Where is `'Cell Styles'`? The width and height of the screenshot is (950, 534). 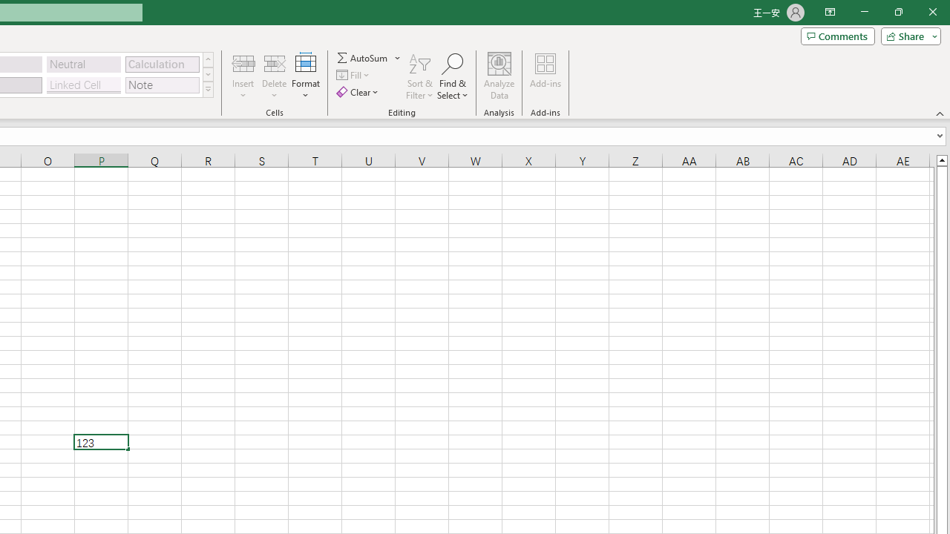 'Cell Styles' is located at coordinates (207, 89).